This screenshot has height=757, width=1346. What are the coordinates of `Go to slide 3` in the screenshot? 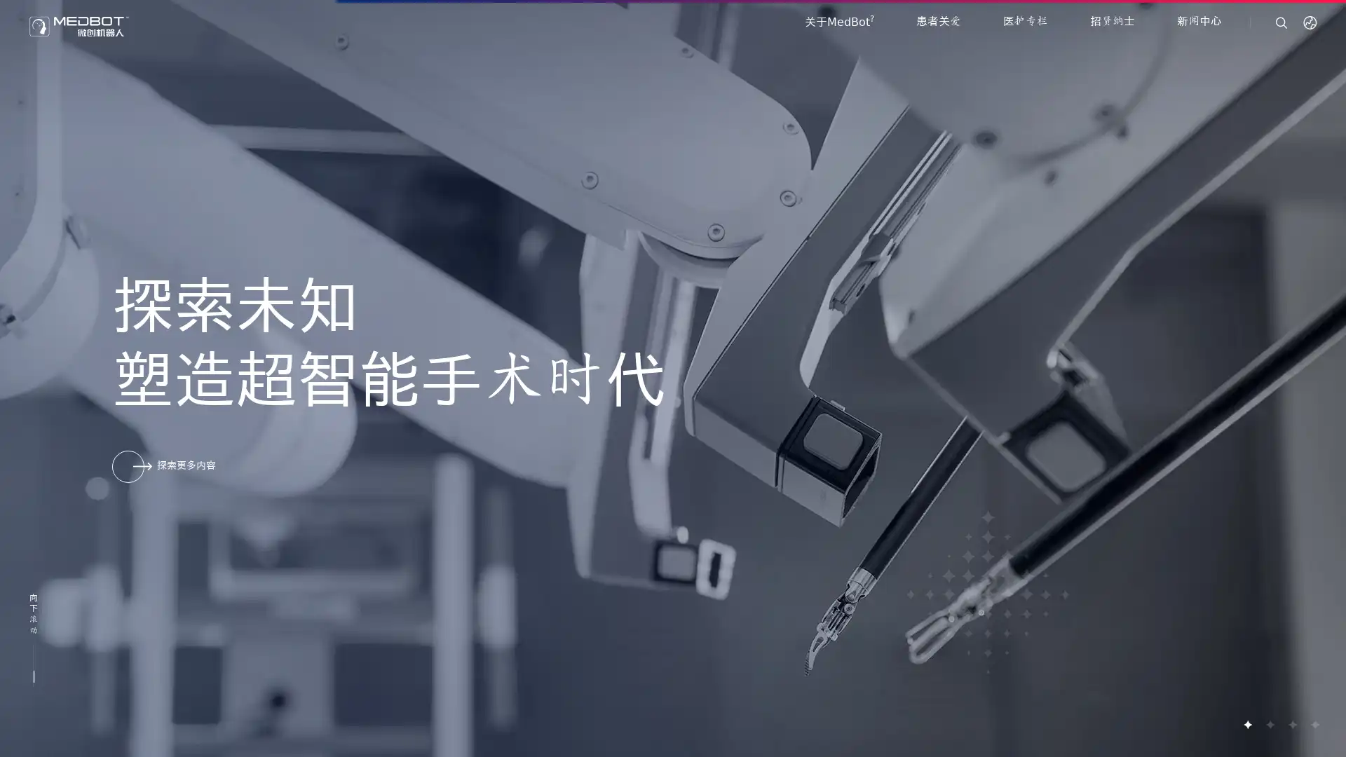 It's located at (1291, 724).